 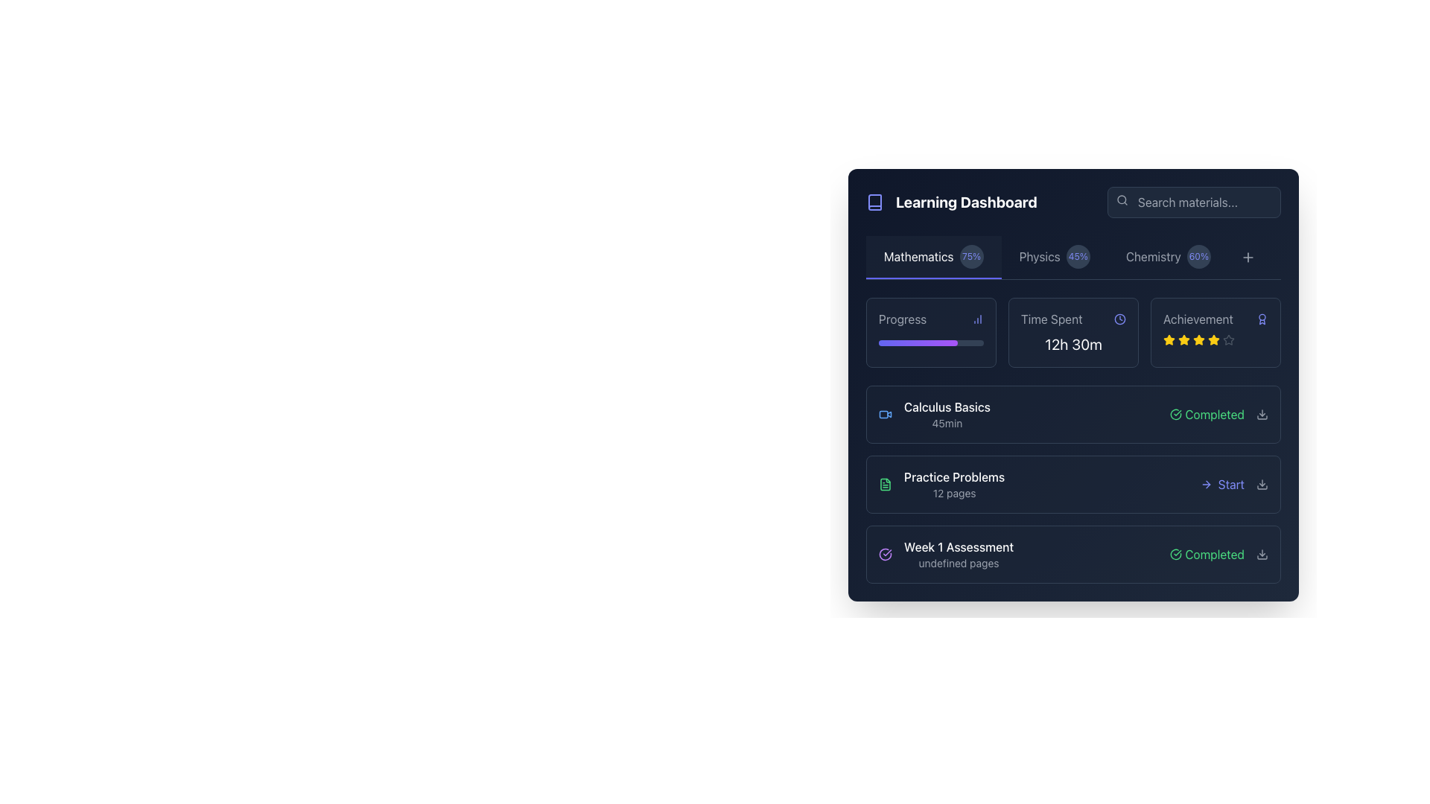 I want to click on the Static Text Label indicating achievements or awards located in the top-right section of the dashboard interface, so click(x=1198, y=318).